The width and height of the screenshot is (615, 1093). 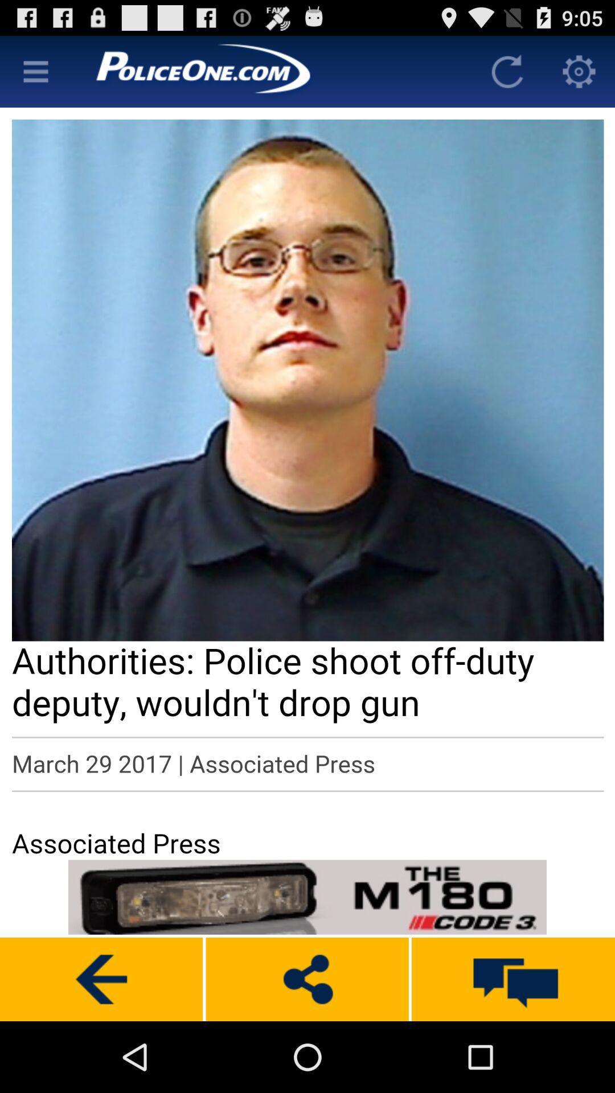 I want to click on description, so click(x=307, y=482).